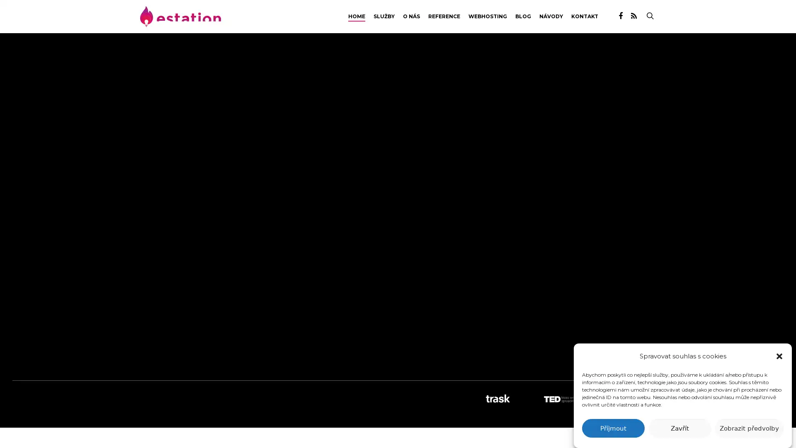 This screenshot has height=448, width=796. What do you see at coordinates (749, 428) in the screenshot?
I see `Zobrazit predvolby` at bounding box center [749, 428].